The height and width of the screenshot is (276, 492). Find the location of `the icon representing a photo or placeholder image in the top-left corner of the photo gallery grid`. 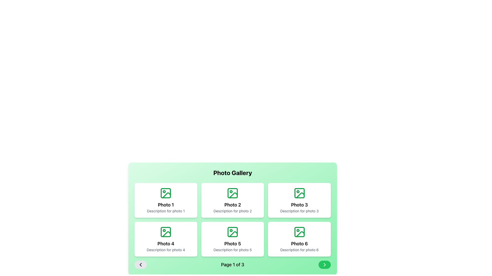

the icon representing a photo or placeholder image in the top-left corner of the photo gallery grid is located at coordinates (166, 193).